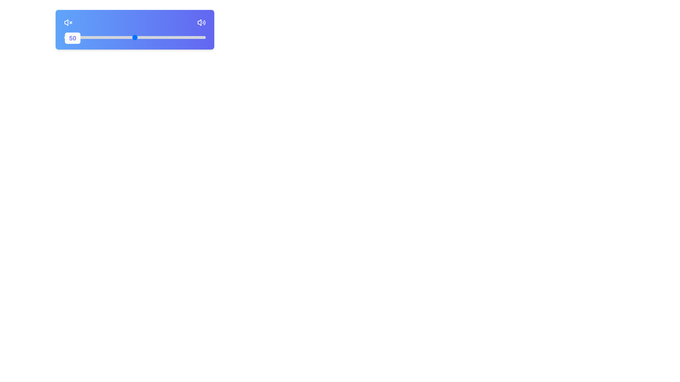  I want to click on the slider value, so click(180, 37).